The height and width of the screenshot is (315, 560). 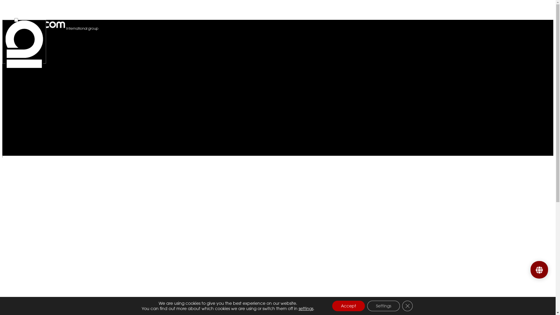 What do you see at coordinates (332, 306) in the screenshot?
I see `'Accept'` at bounding box center [332, 306].